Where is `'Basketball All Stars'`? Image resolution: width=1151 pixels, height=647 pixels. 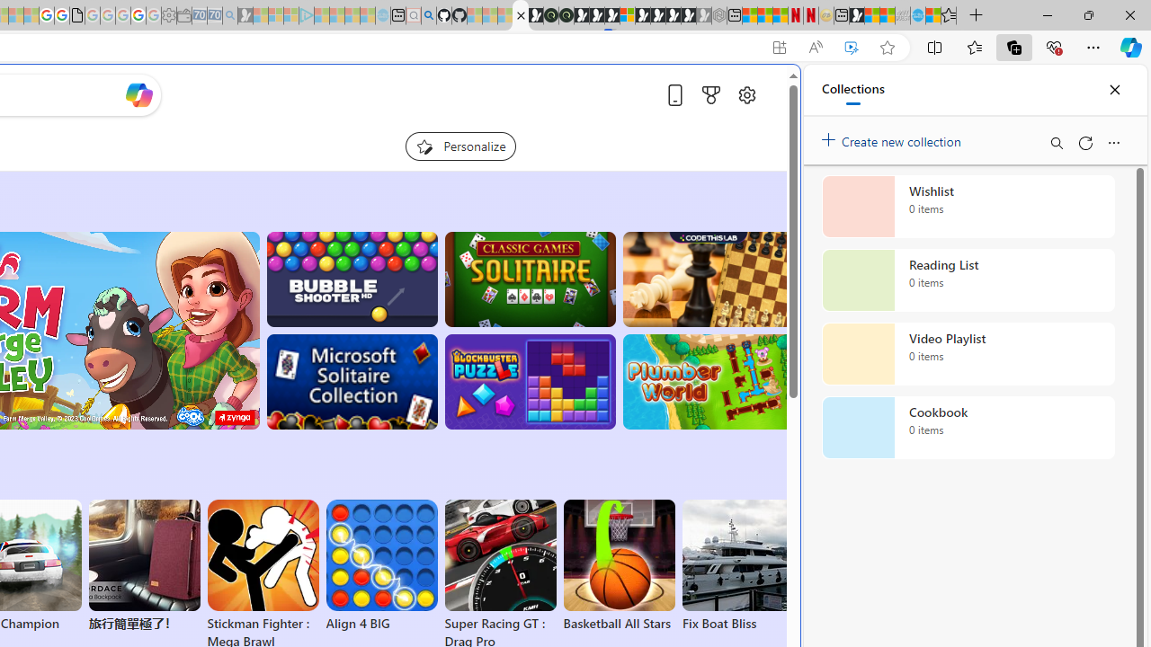 'Basketball All Stars' is located at coordinates (619, 566).